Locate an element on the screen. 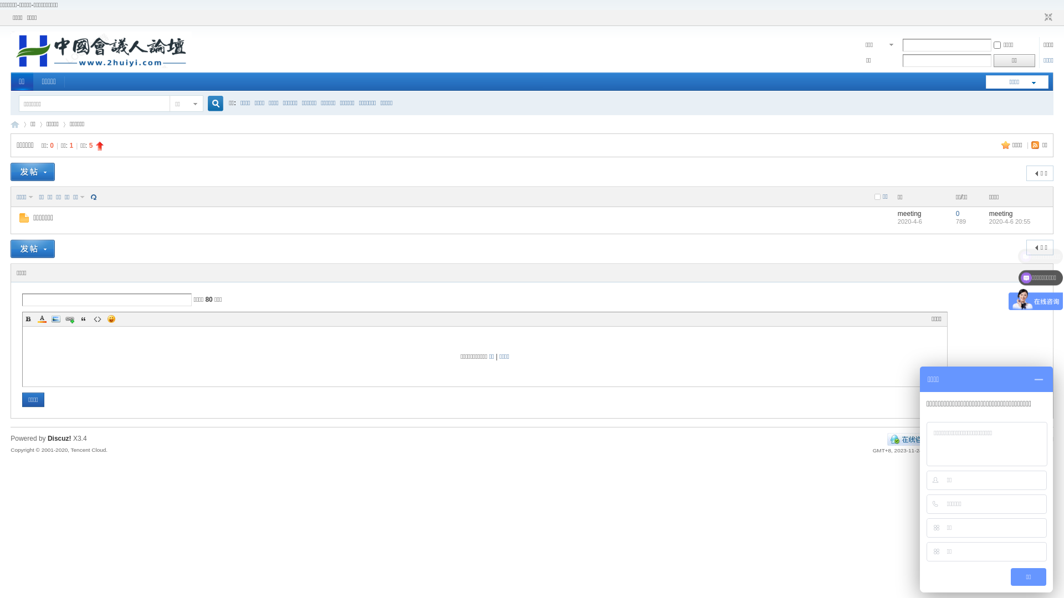 This screenshot has height=598, width=1064. 'Quote' is located at coordinates (83, 318).